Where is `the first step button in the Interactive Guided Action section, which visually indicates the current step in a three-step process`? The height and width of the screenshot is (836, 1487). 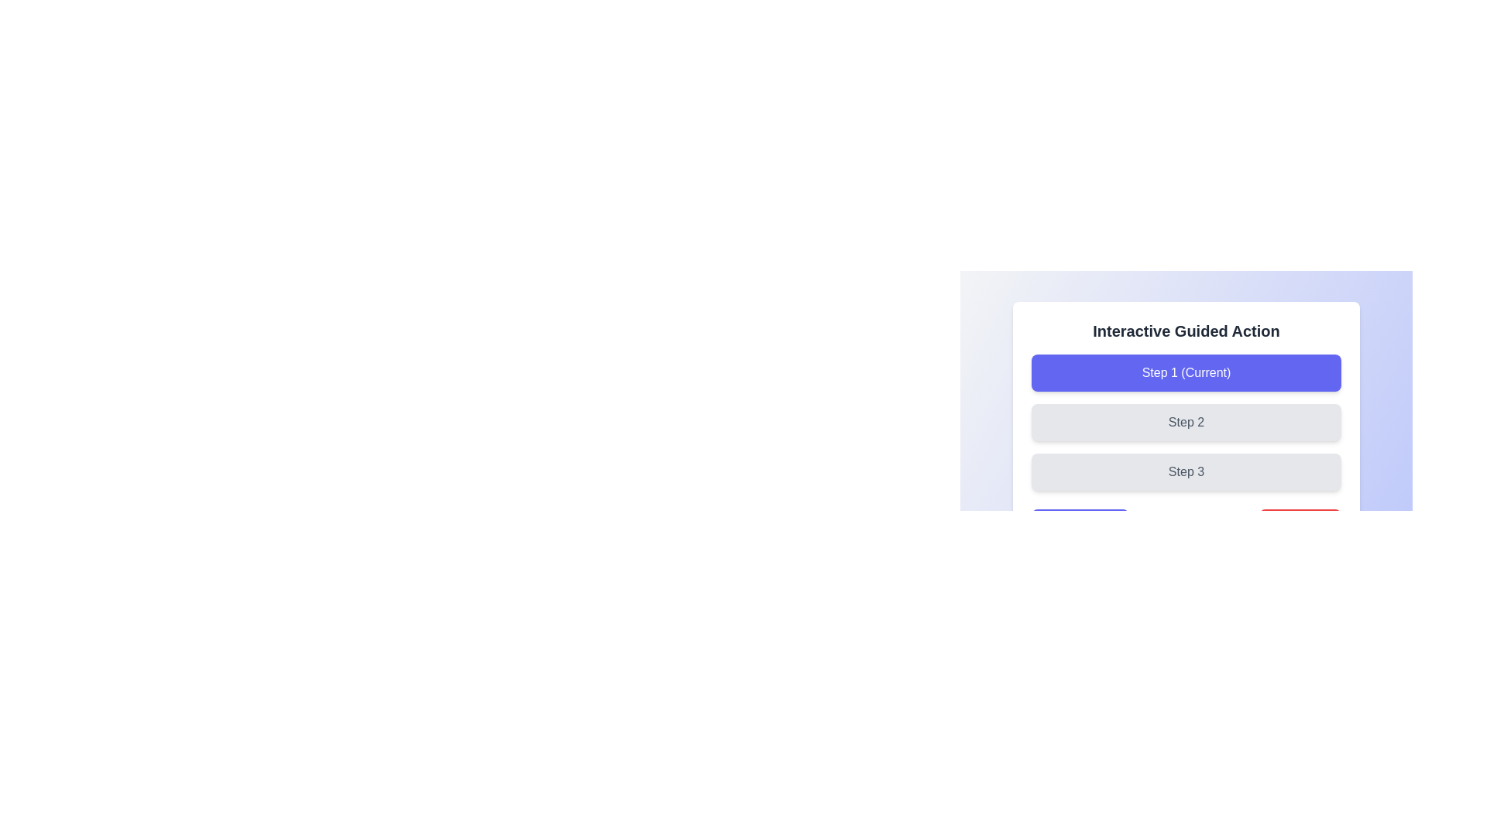 the first step button in the Interactive Guided Action section, which visually indicates the current step in a three-step process is located at coordinates (1185, 382).